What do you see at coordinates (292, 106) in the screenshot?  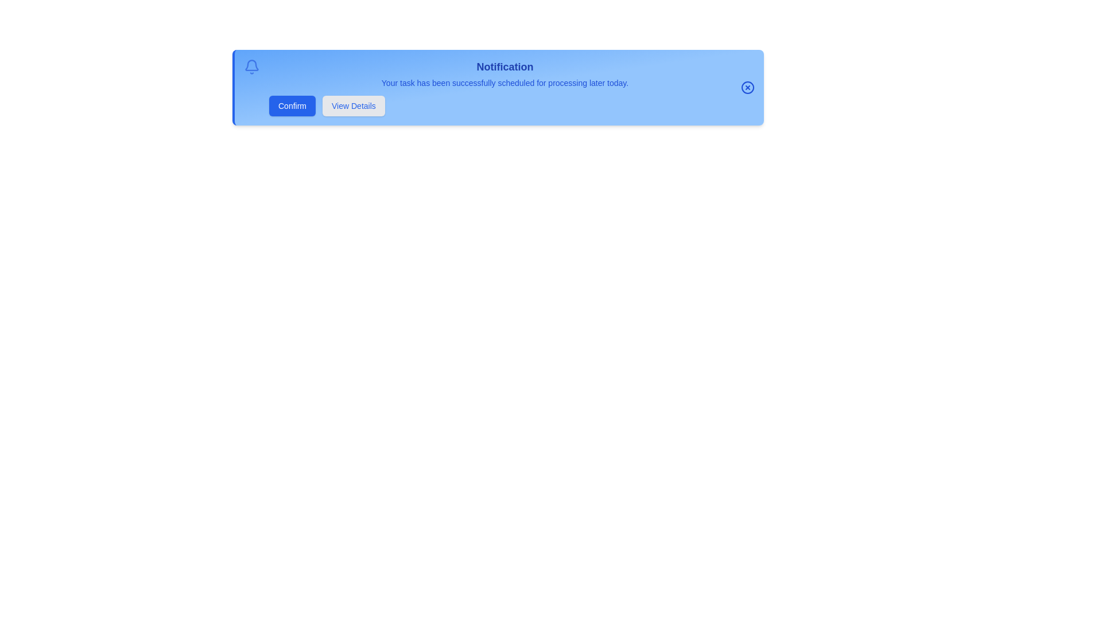 I see `'Confirm' button to acknowledge the task scheduling` at bounding box center [292, 106].